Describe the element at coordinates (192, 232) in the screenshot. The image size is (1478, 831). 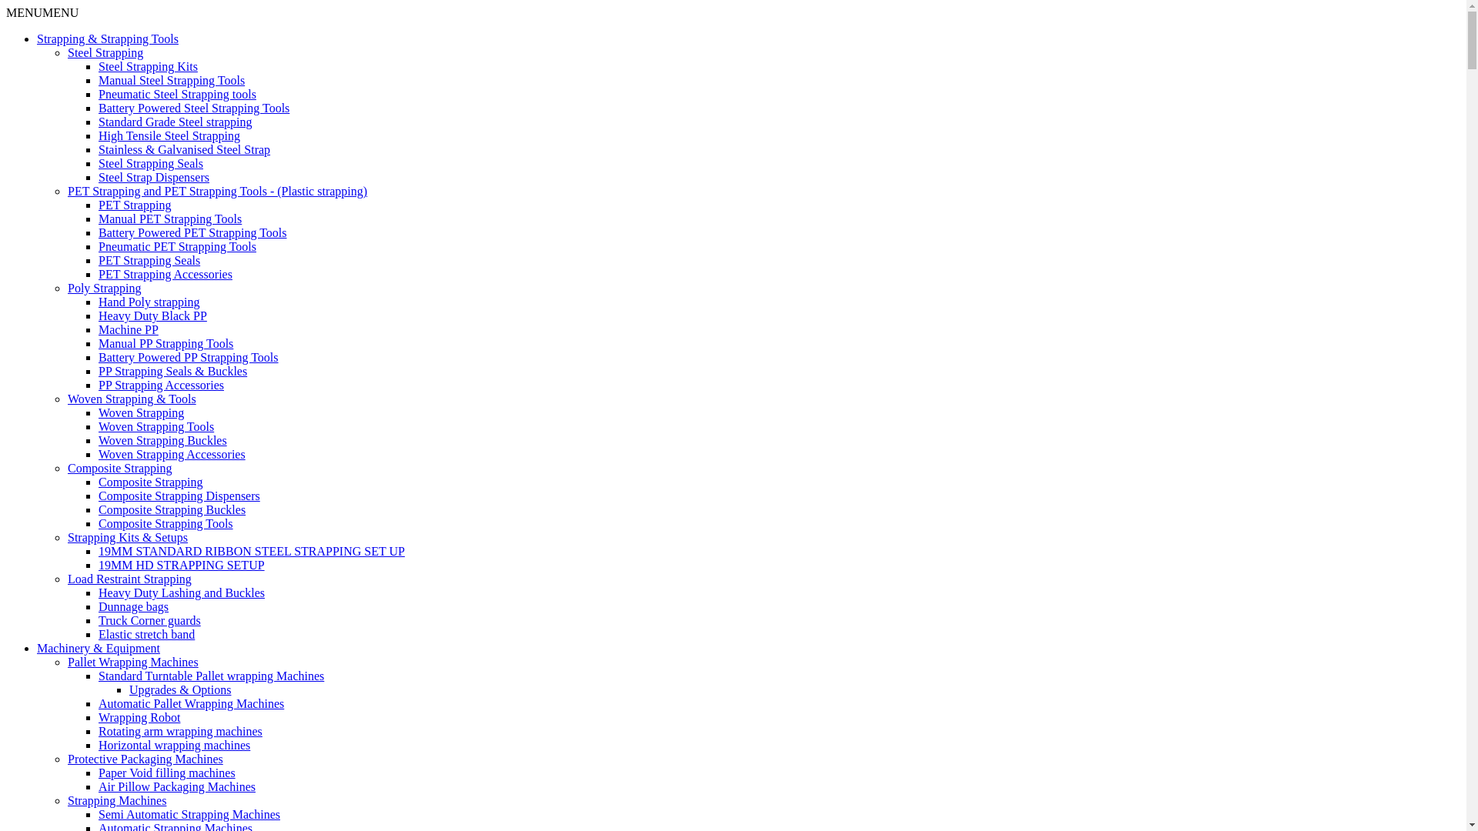
I see `'Battery Powered PET Strapping Tools'` at that location.